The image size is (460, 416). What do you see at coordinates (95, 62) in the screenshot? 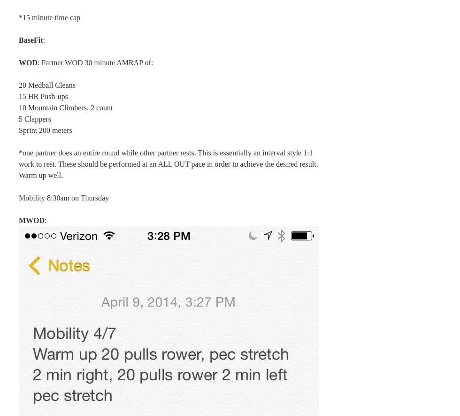
I see `': Partner WOD 30 minute AMRAP of:'` at bounding box center [95, 62].